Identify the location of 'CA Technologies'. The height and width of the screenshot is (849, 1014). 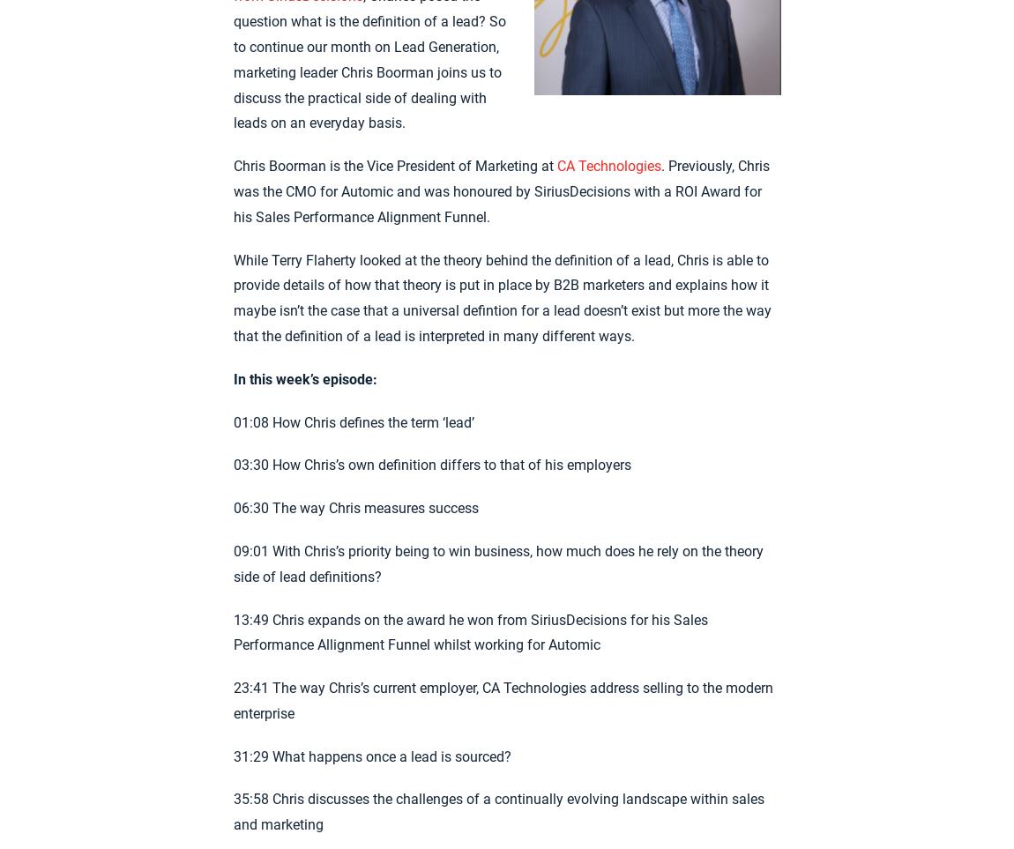
(608, 165).